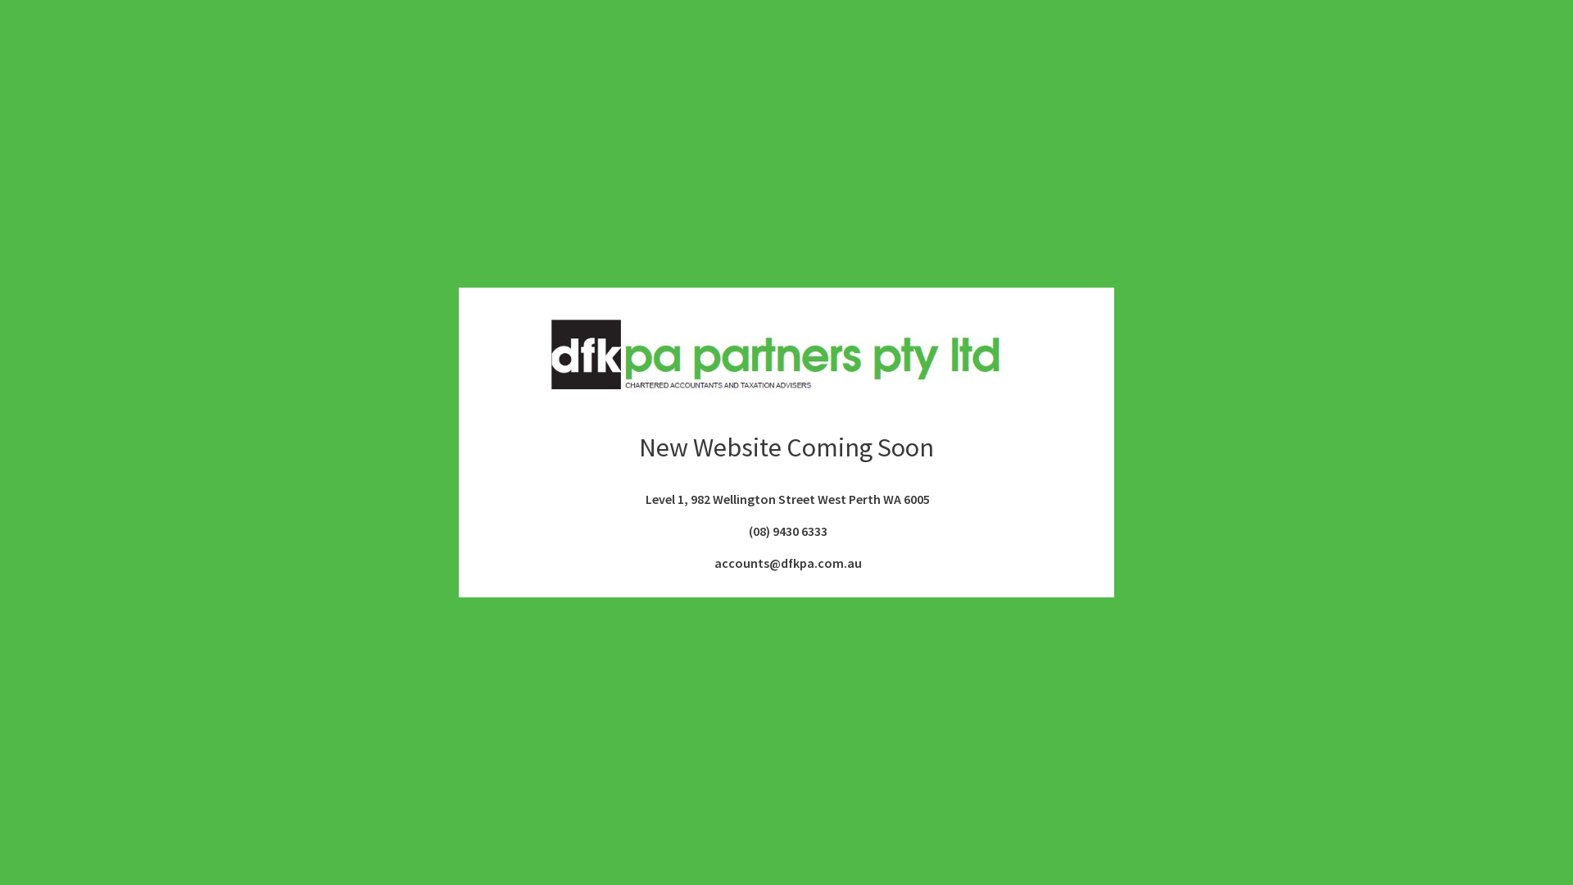 The width and height of the screenshot is (1573, 885). I want to click on 'accounts@dfkpa.com.au', so click(785, 561).